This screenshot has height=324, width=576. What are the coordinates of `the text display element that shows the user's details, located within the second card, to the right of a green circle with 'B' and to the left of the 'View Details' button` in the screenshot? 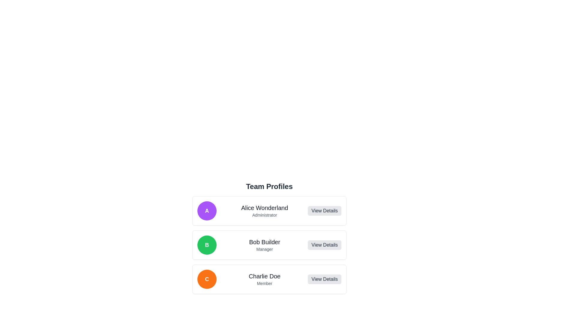 It's located at (264, 245).